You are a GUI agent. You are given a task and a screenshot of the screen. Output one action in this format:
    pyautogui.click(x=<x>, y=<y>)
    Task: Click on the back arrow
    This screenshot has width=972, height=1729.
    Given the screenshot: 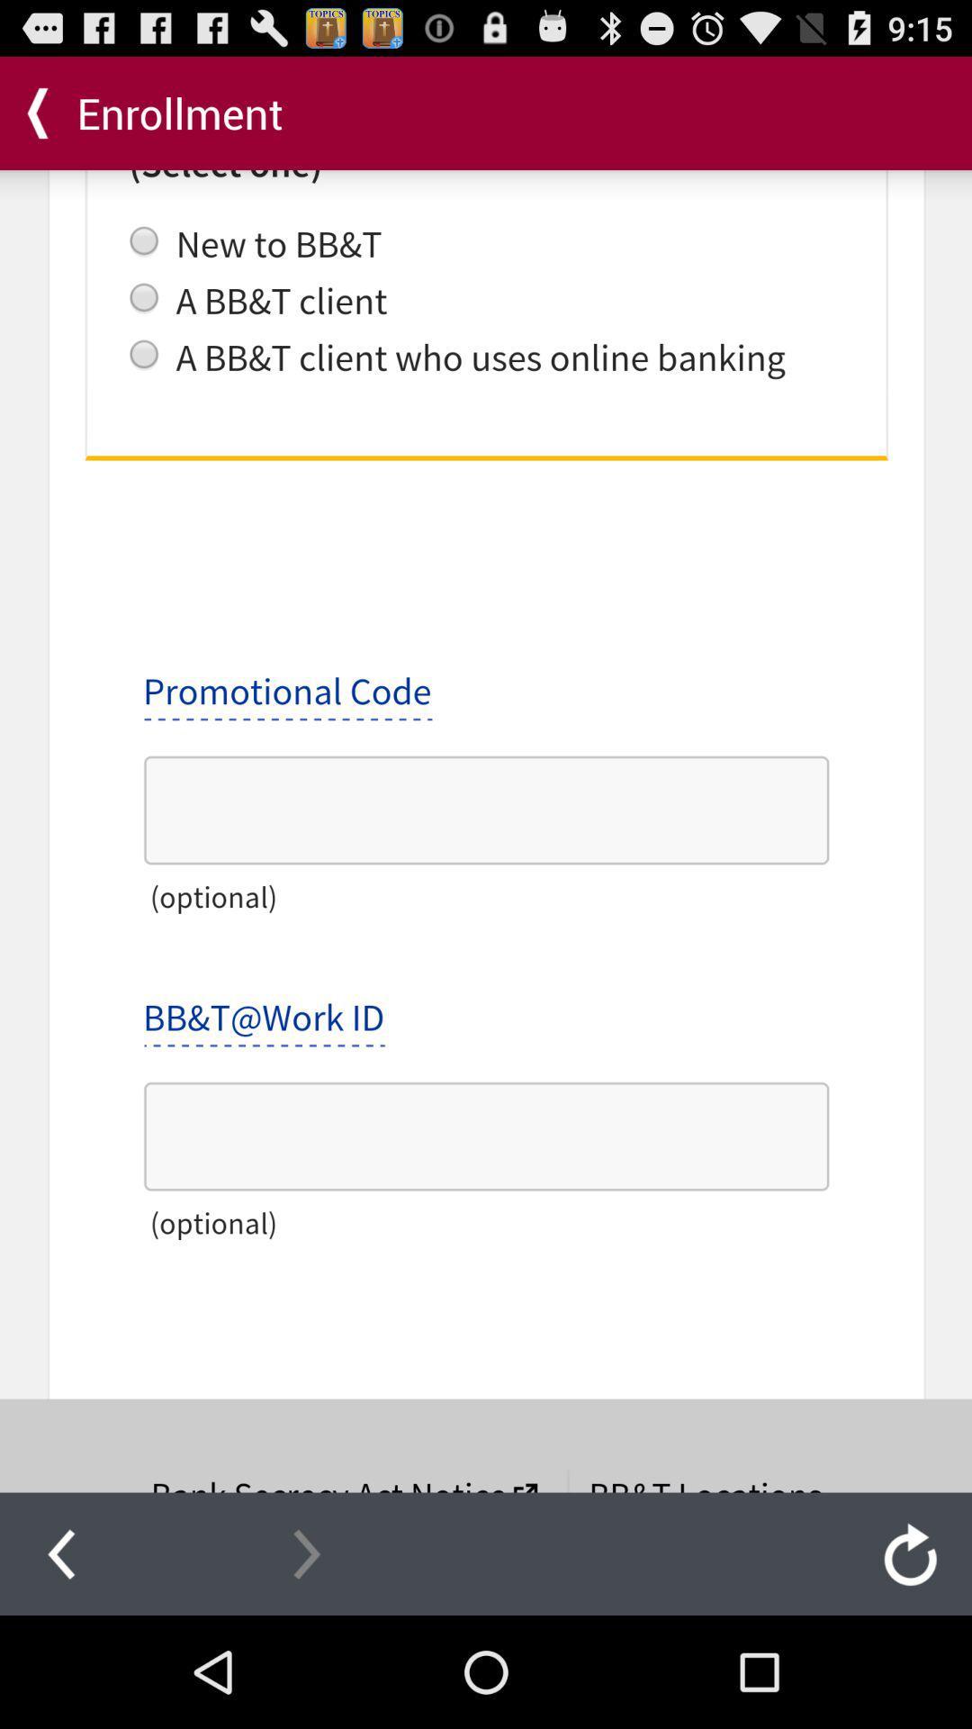 What is the action you would take?
    pyautogui.click(x=60, y=1552)
    